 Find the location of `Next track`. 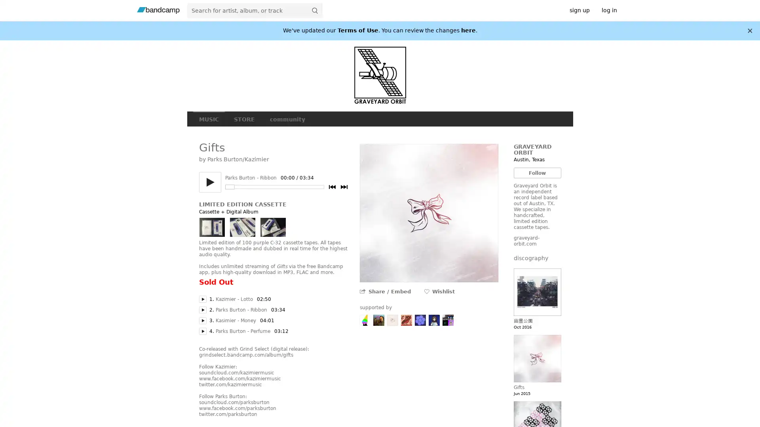

Next track is located at coordinates (344, 187).